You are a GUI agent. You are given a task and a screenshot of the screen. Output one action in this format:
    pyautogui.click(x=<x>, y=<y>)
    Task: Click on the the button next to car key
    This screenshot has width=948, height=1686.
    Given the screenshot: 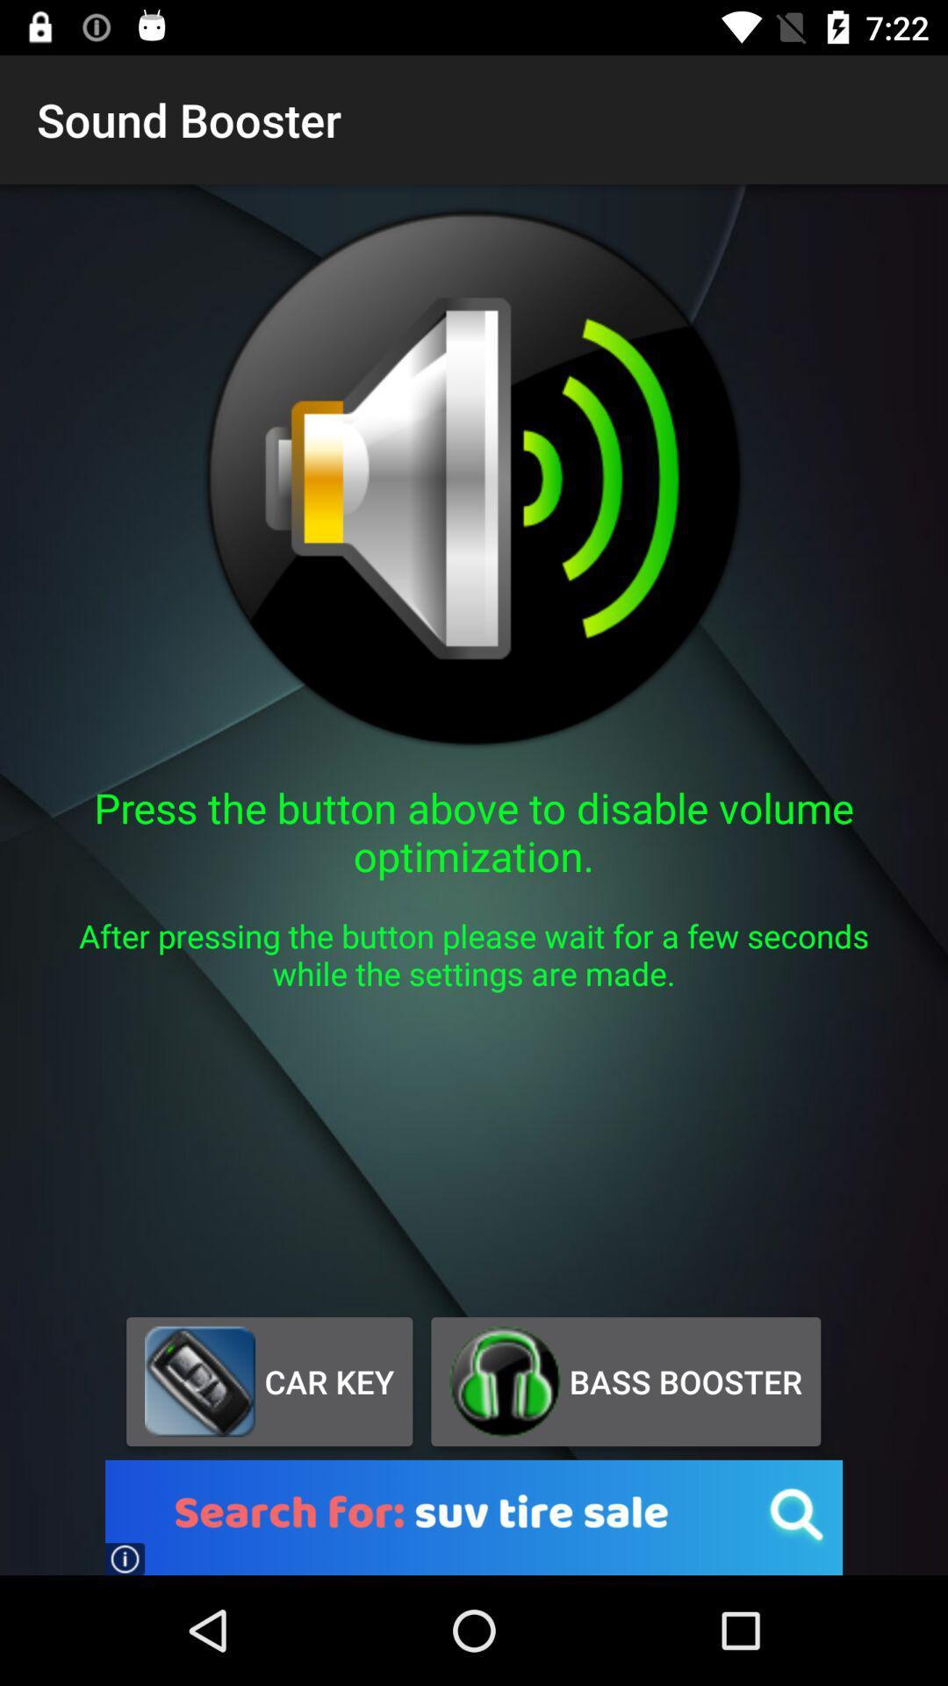 What is the action you would take?
    pyautogui.click(x=625, y=1380)
    